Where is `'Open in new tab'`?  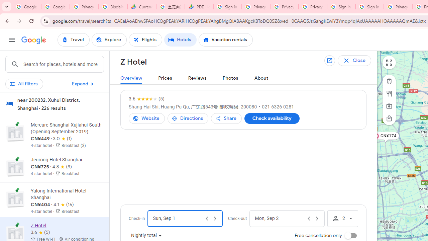
'Open in new tab' is located at coordinates (329, 61).